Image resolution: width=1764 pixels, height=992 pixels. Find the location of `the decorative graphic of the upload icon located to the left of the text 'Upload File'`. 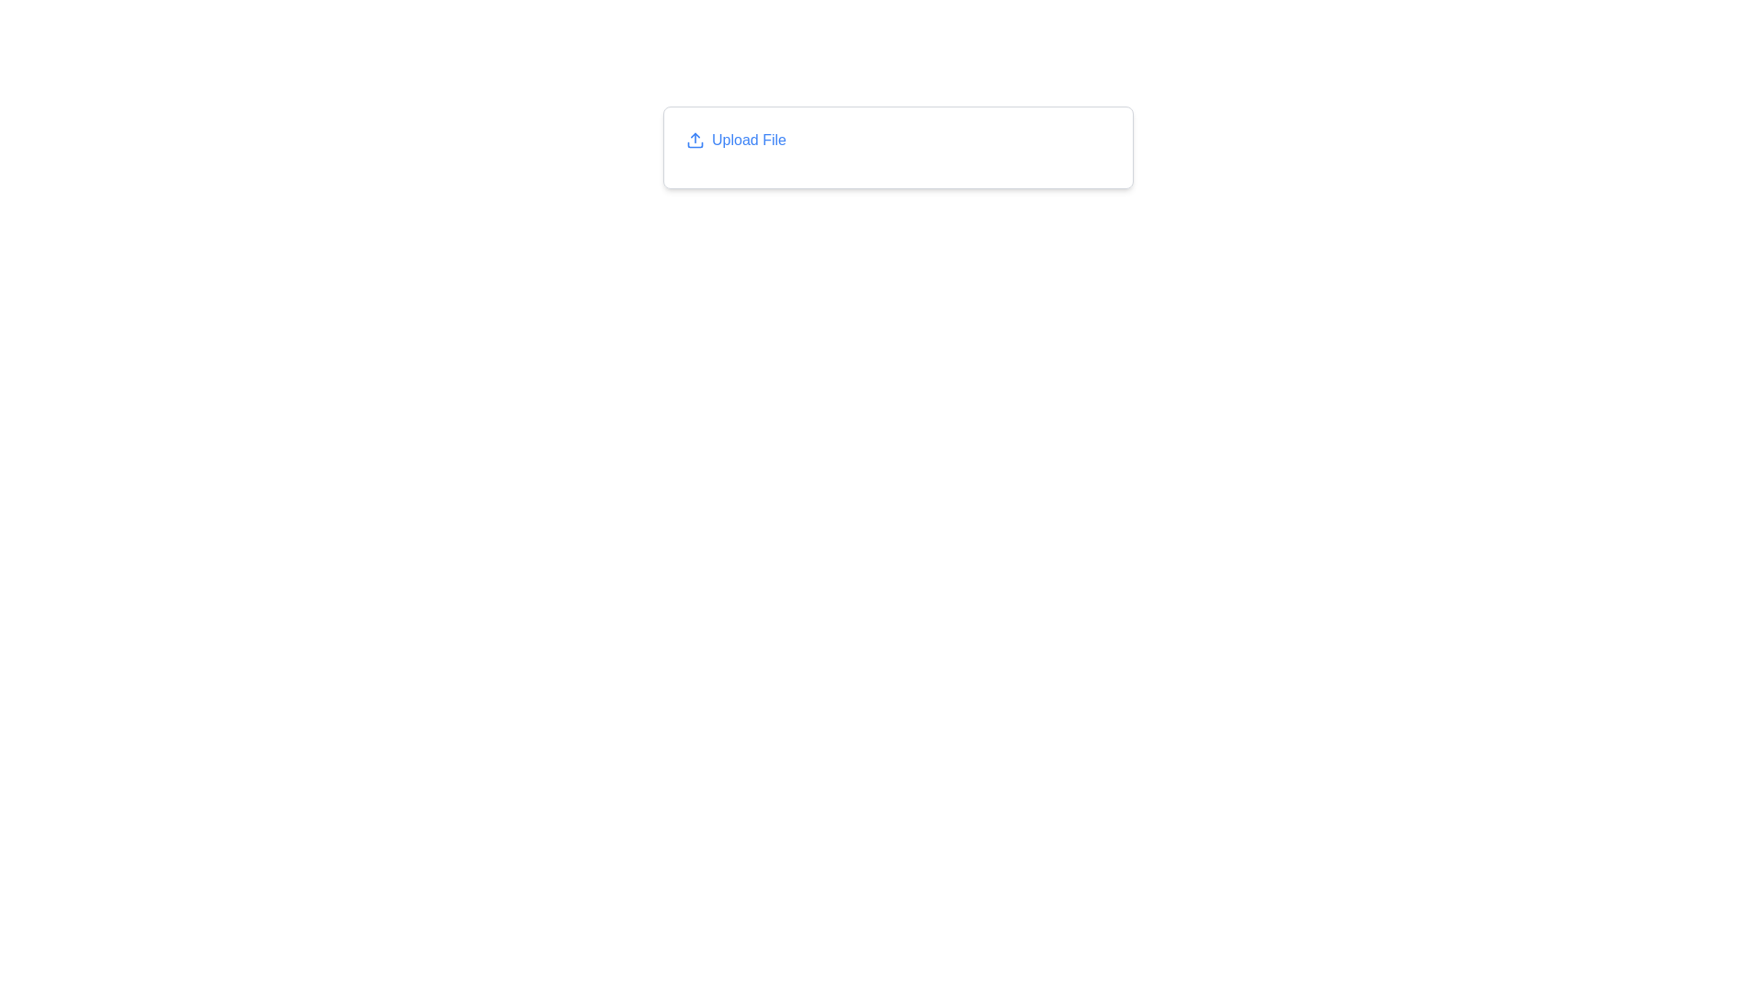

the decorative graphic of the upload icon located to the left of the text 'Upload File' is located at coordinates (695, 144).